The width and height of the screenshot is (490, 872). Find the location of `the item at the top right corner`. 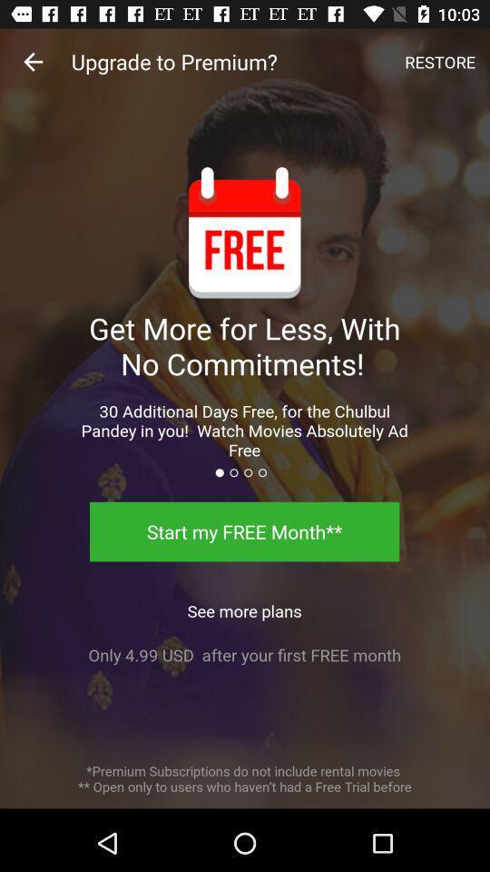

the item at the top right corner is located at coordinates (439, 62).